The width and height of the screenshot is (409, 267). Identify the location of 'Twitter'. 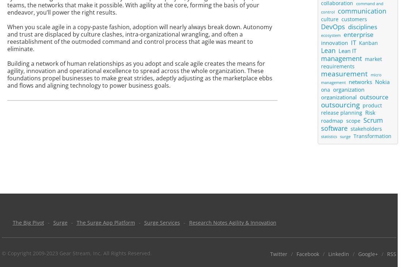
(278, 254).